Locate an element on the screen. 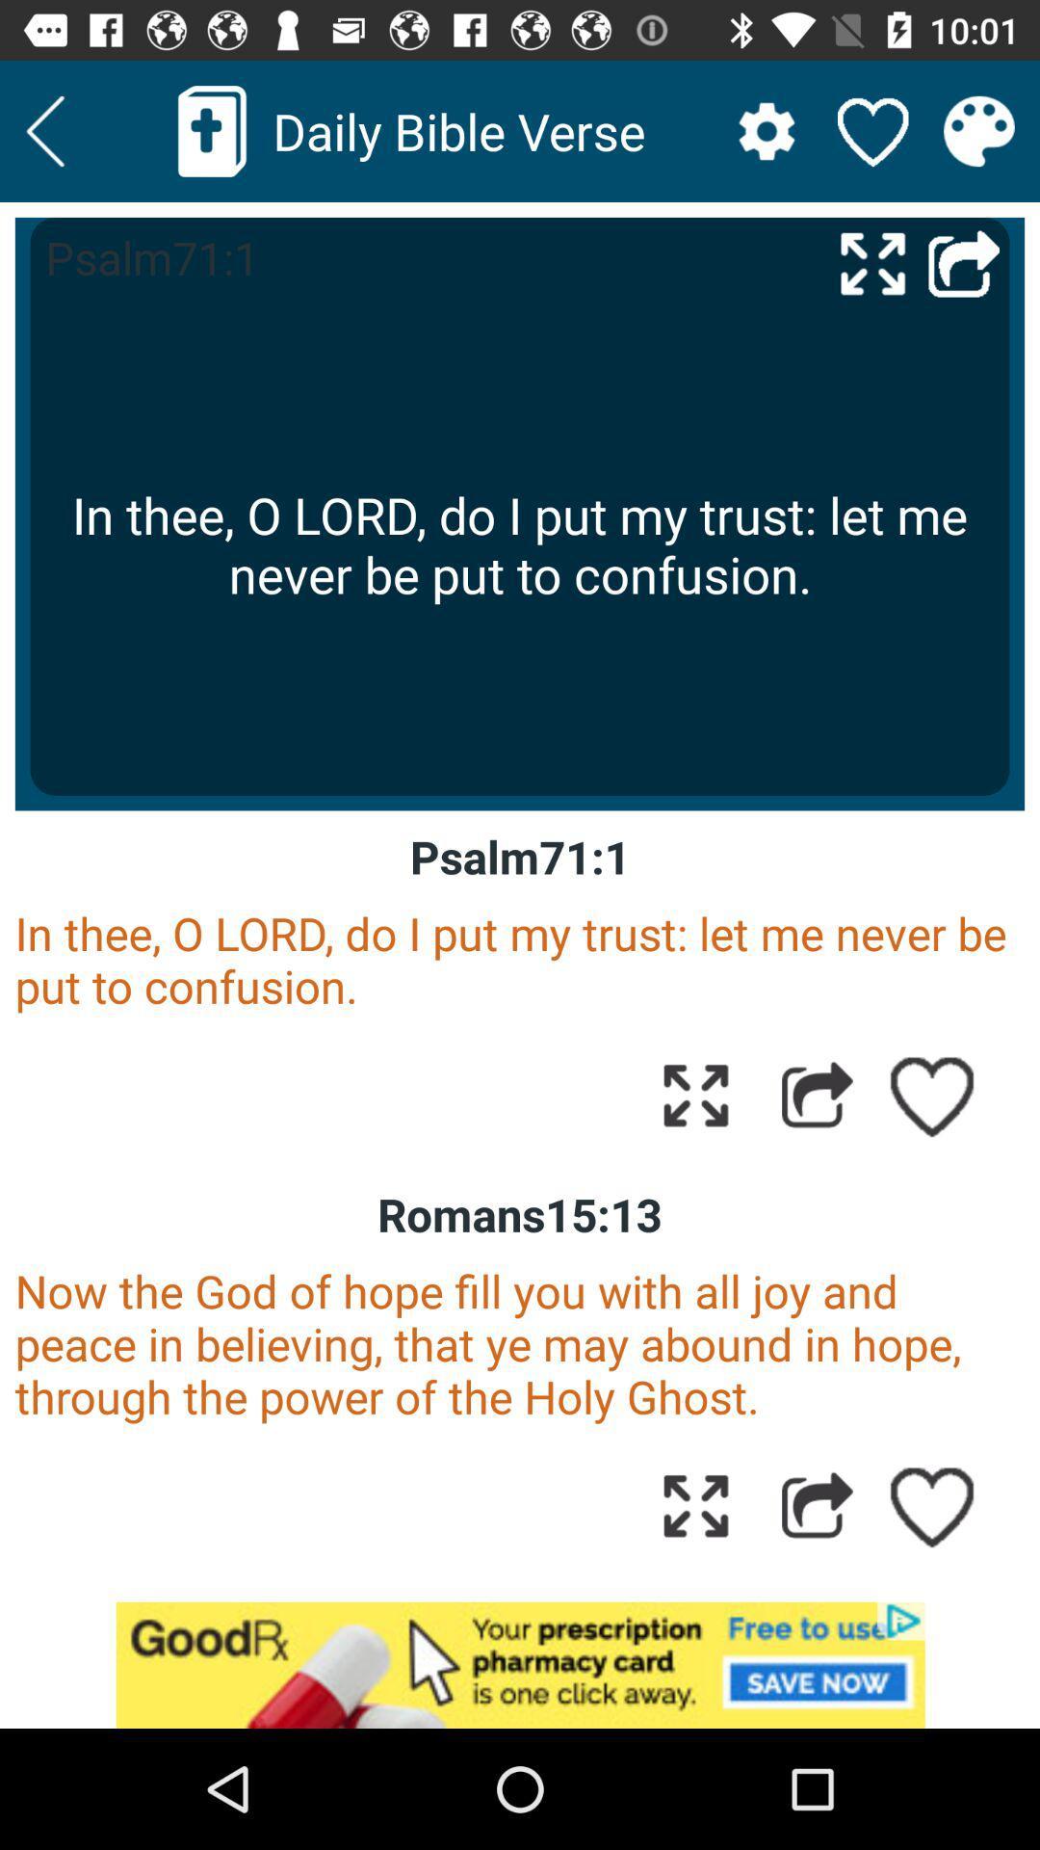  go back is located at coordinates (44, 130).